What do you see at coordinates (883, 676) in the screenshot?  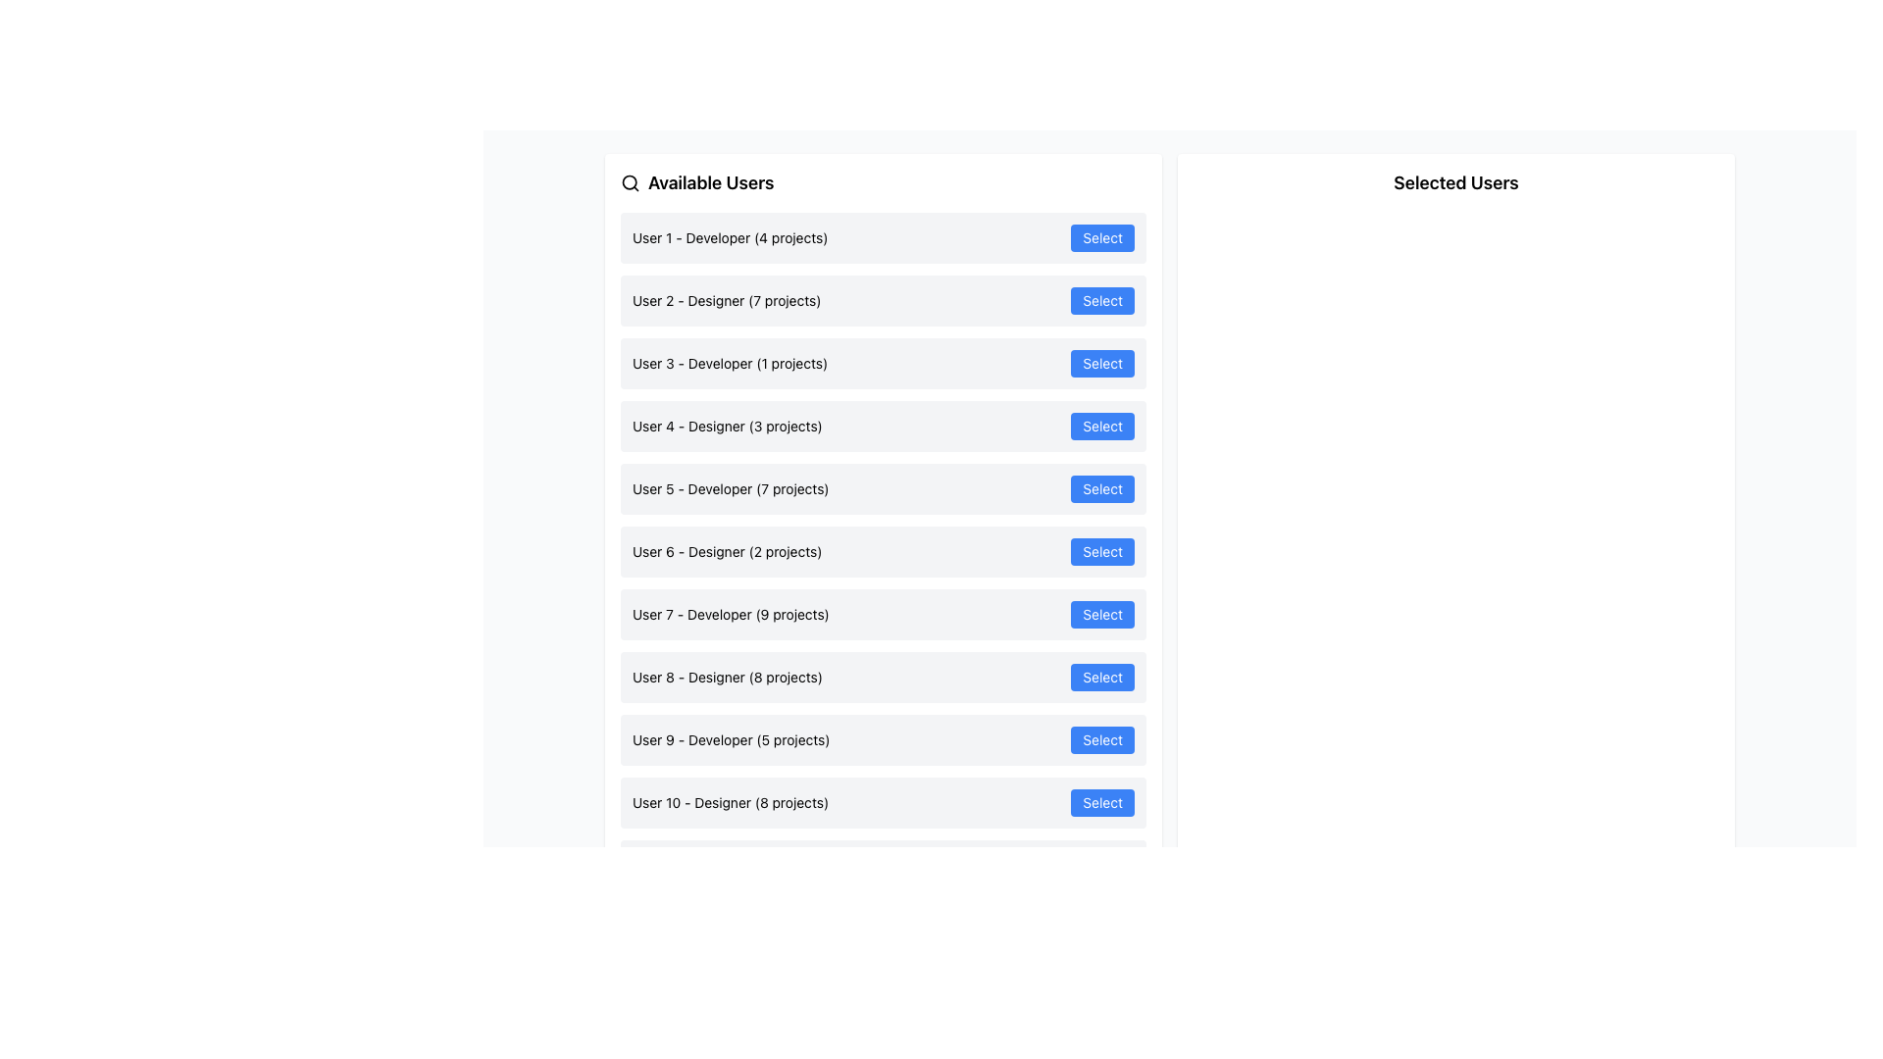 I see `the 'Select' button on the eighth user in the 'Available Users' list to choose this user for further actions` at bounding box center [883, 676].